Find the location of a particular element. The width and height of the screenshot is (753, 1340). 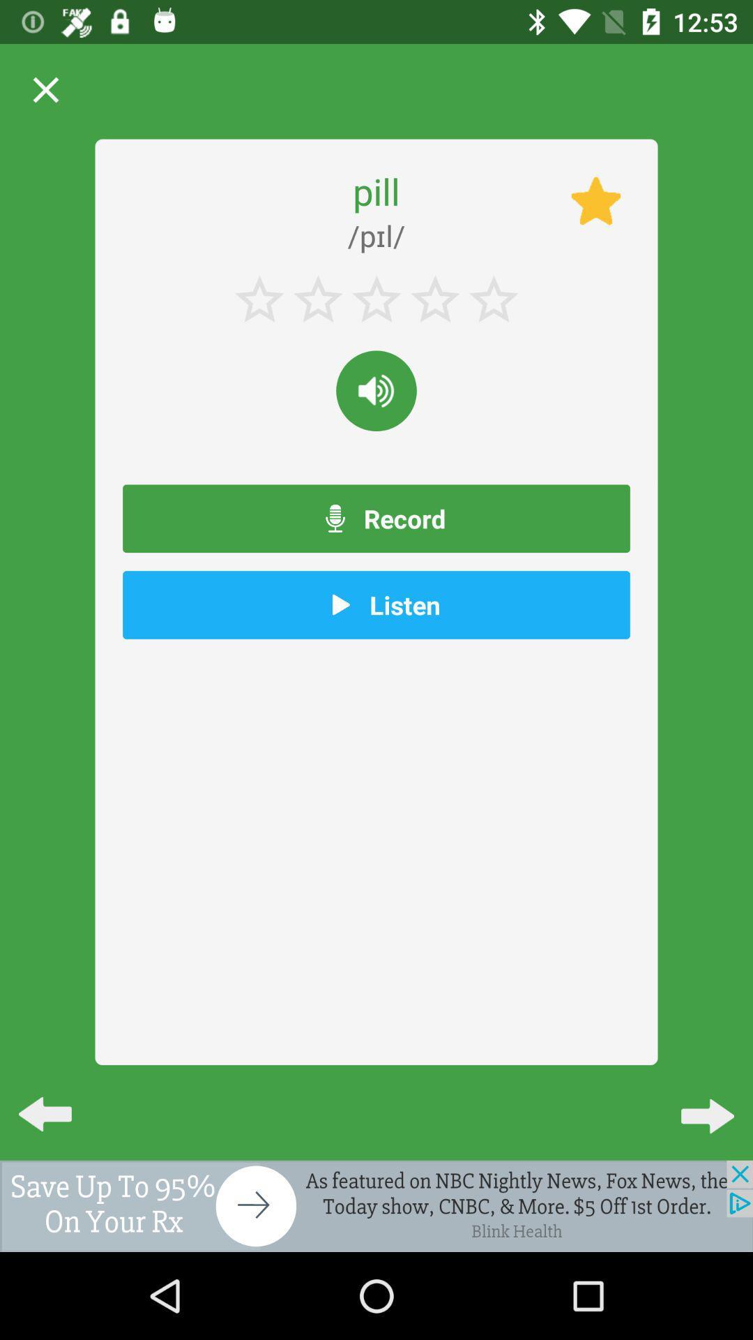

the volume icon is located at coordinates (376, 391).